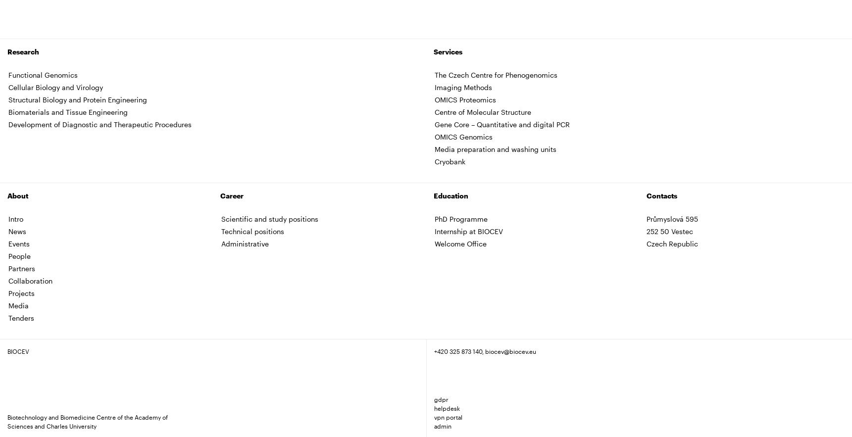 This screenshot has width=852, height=437. I want to click on '+420 325 873 140', so click(457, 350).